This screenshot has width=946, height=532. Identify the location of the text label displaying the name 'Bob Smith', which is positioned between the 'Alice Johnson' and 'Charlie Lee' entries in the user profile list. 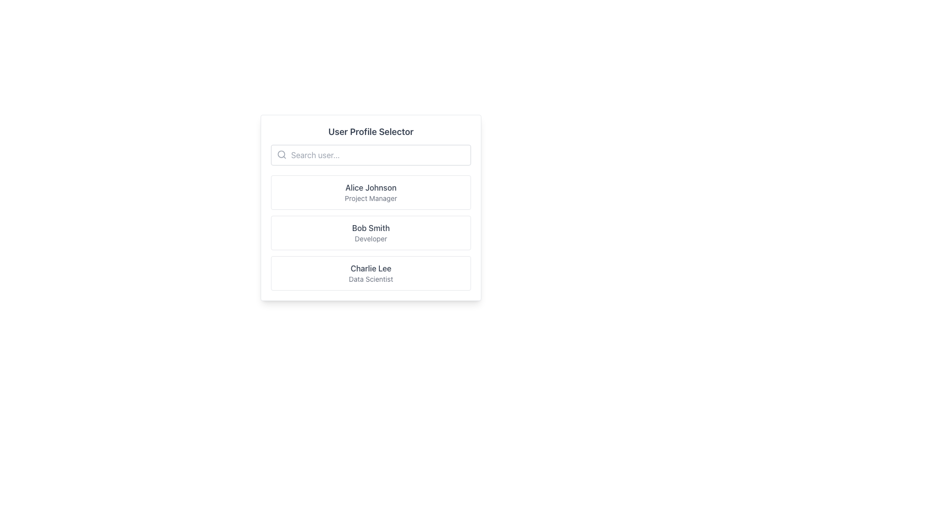
(371, 228).